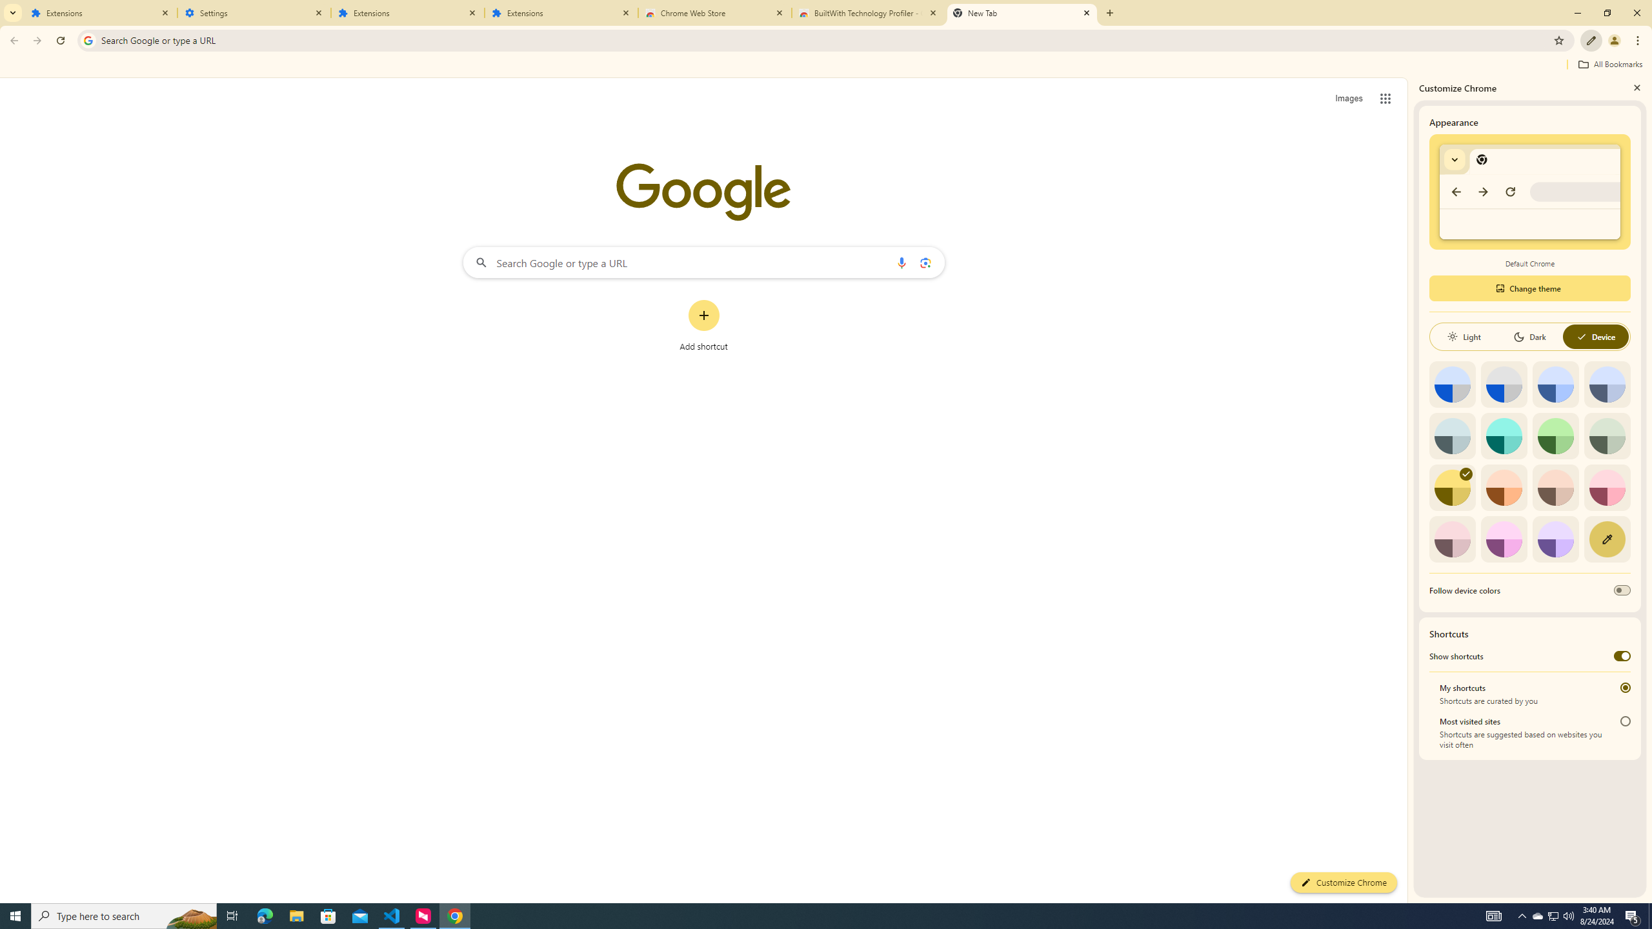 This screenshot has width=1652, height=929. What do you see at coordinates (1595, 336) in the screenshot?
I see `'Device'` at bounding box center [1595, 336].